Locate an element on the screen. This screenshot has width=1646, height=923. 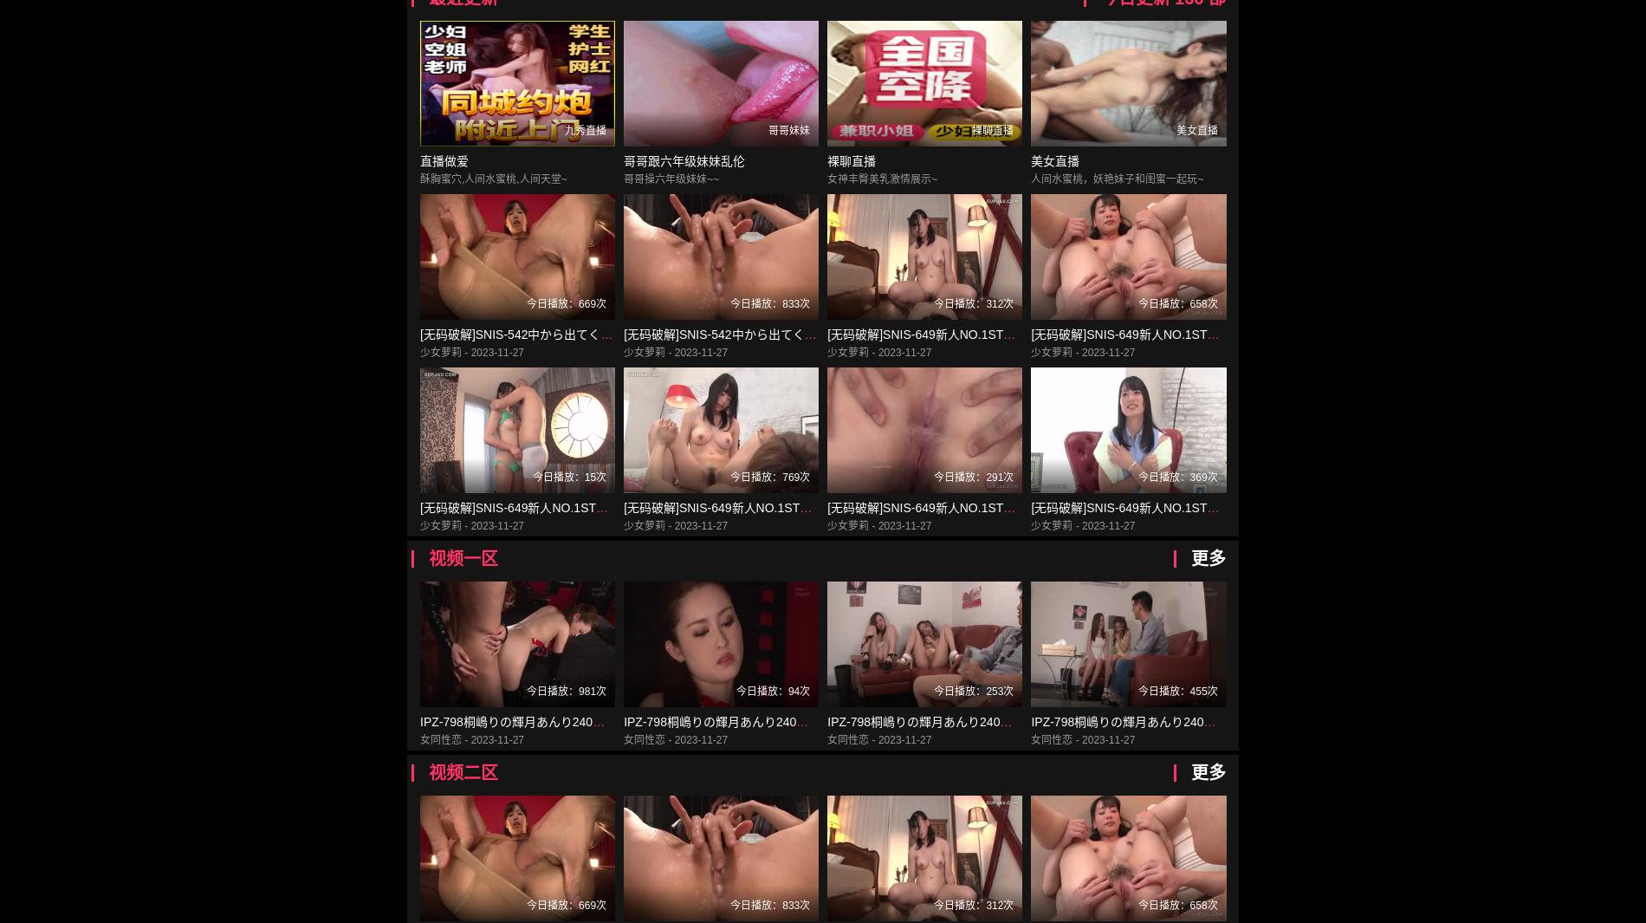
'今日播放：94次' is located at coordinates (772, 692).